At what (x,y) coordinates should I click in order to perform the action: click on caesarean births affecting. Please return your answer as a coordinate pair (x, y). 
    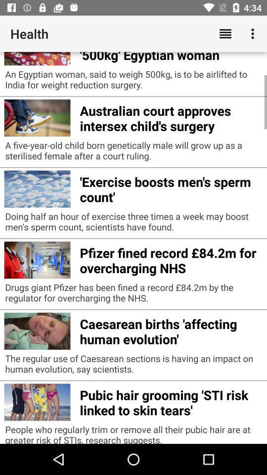
    Looking at the image, I should click on (170, 330).